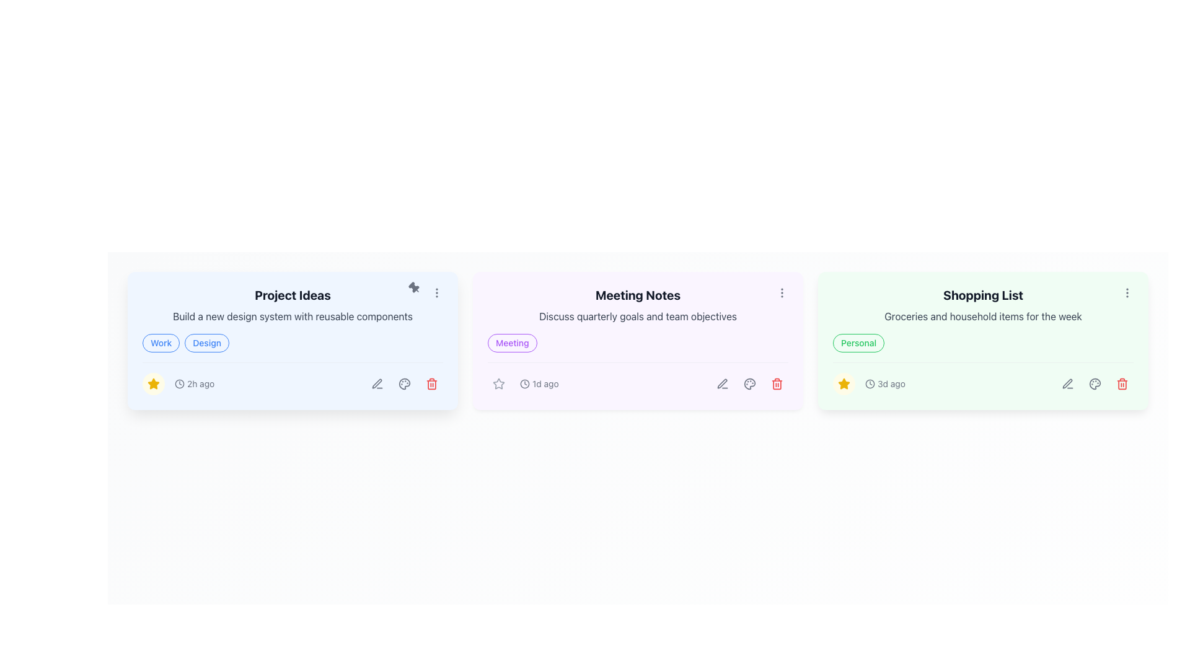  What do you see at coordinates (1127, 293) in the screenshot?
I see `the vertical ellipsis icon button at the top-right corner of the 'Shopping List' card` at bounding box center [1127, 293].